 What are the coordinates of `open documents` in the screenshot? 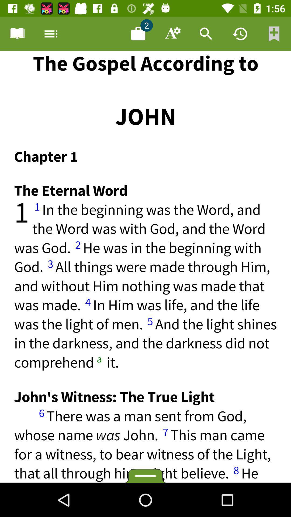 It's located at (138, 33).